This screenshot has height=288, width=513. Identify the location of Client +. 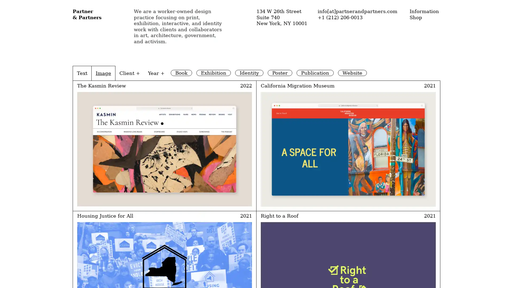
(130, 73).